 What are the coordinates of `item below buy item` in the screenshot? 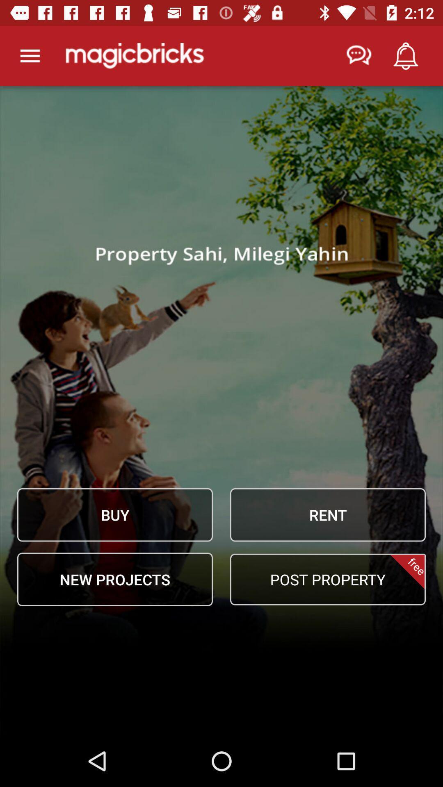 It's located at (115, 579).